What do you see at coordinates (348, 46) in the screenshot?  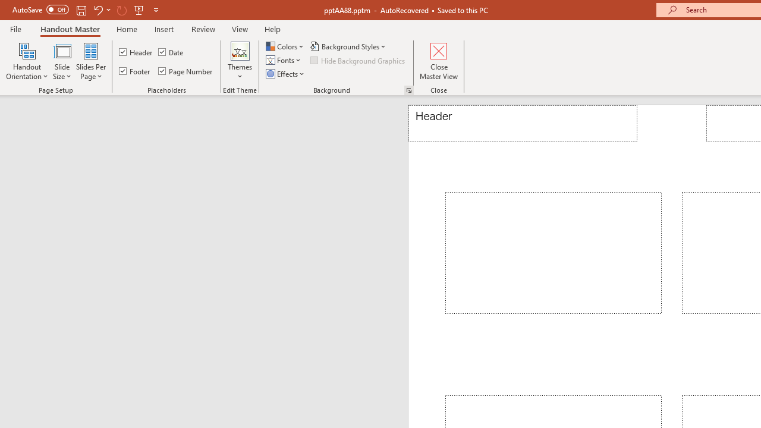 I see `'Background Styles'` at bounding box center [348, 46].